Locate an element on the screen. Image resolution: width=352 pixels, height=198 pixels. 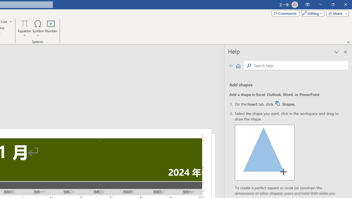
'Minimize' is located at coordinates (320, 4).